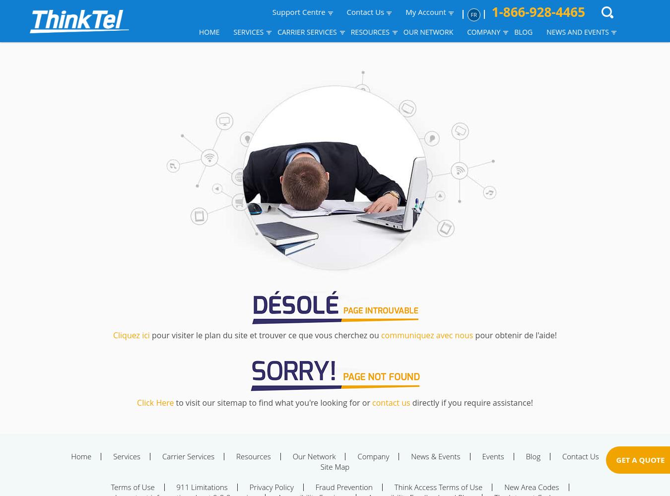  I want to click on 'Events', so click(492, 456).